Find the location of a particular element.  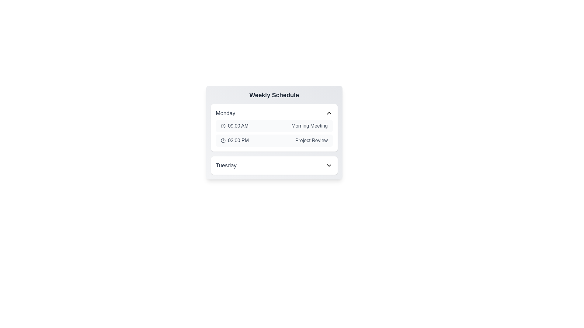

the Row element representing the scheduled event titled 'Morning Meeting' for 'Monday' at '09:00 AM' in the 'Weekly Schedule' section is located at coordinates (274, 126).